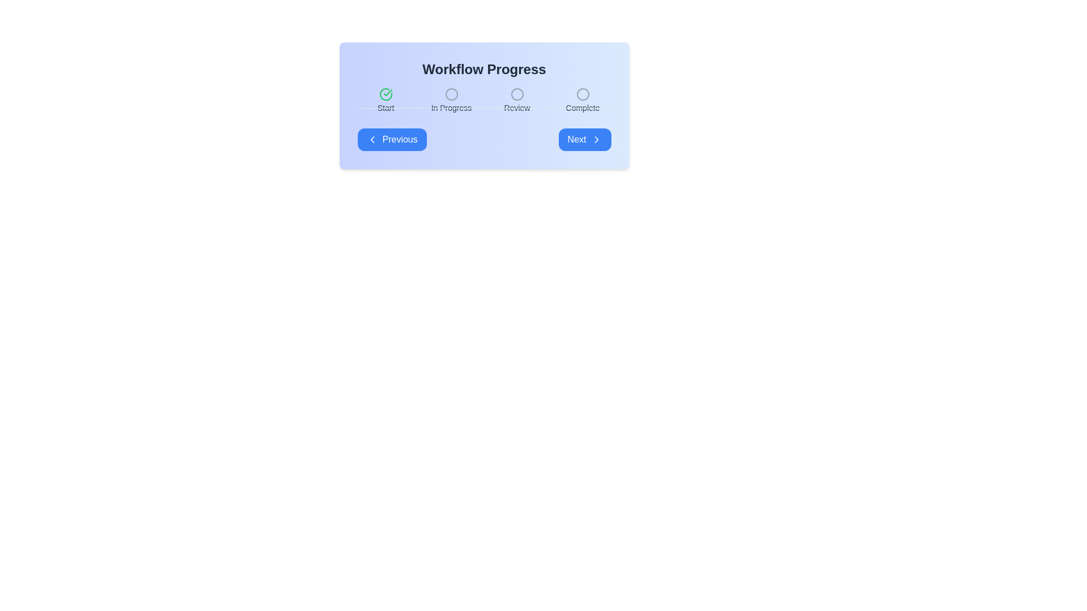 This screenshot has height=611, width=1087. I want to click on the 'Workflow Progress' text label which is prominently displayed in a bold font, centered above a horizontal progress tracker, so click(484, 70).